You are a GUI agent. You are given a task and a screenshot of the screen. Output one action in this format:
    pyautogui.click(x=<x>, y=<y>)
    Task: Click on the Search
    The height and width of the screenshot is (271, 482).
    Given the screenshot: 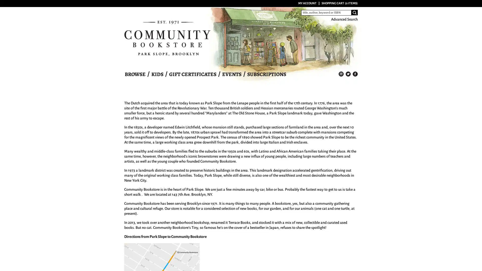 What is the action you would take?
    pyautogui.click(x=354, y=12)
    